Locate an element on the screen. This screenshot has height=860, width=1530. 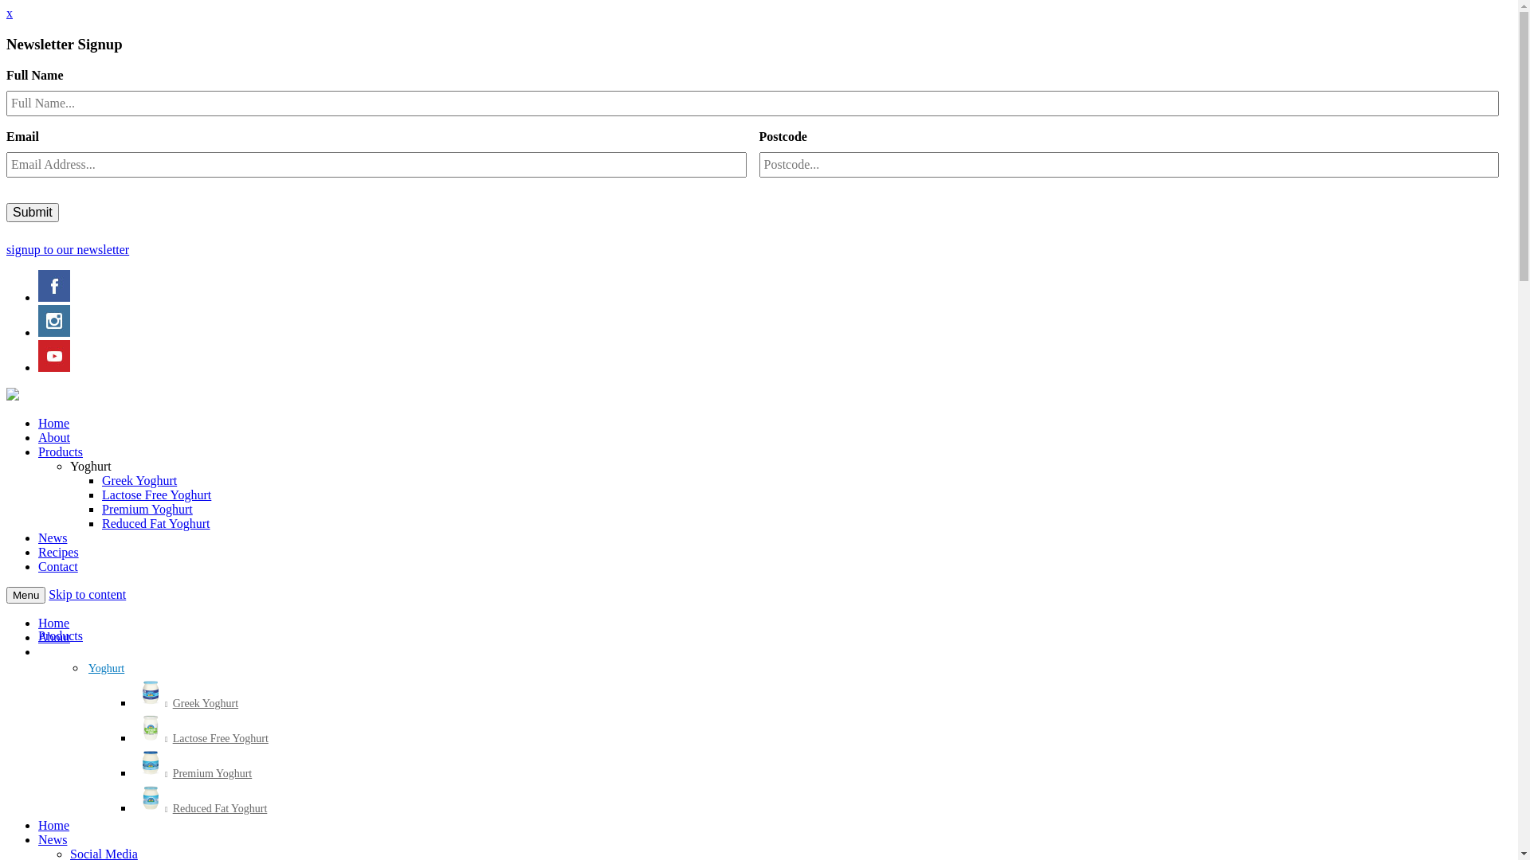
'Lactose Free Yoghurt' is located at coordinates (202, 739).